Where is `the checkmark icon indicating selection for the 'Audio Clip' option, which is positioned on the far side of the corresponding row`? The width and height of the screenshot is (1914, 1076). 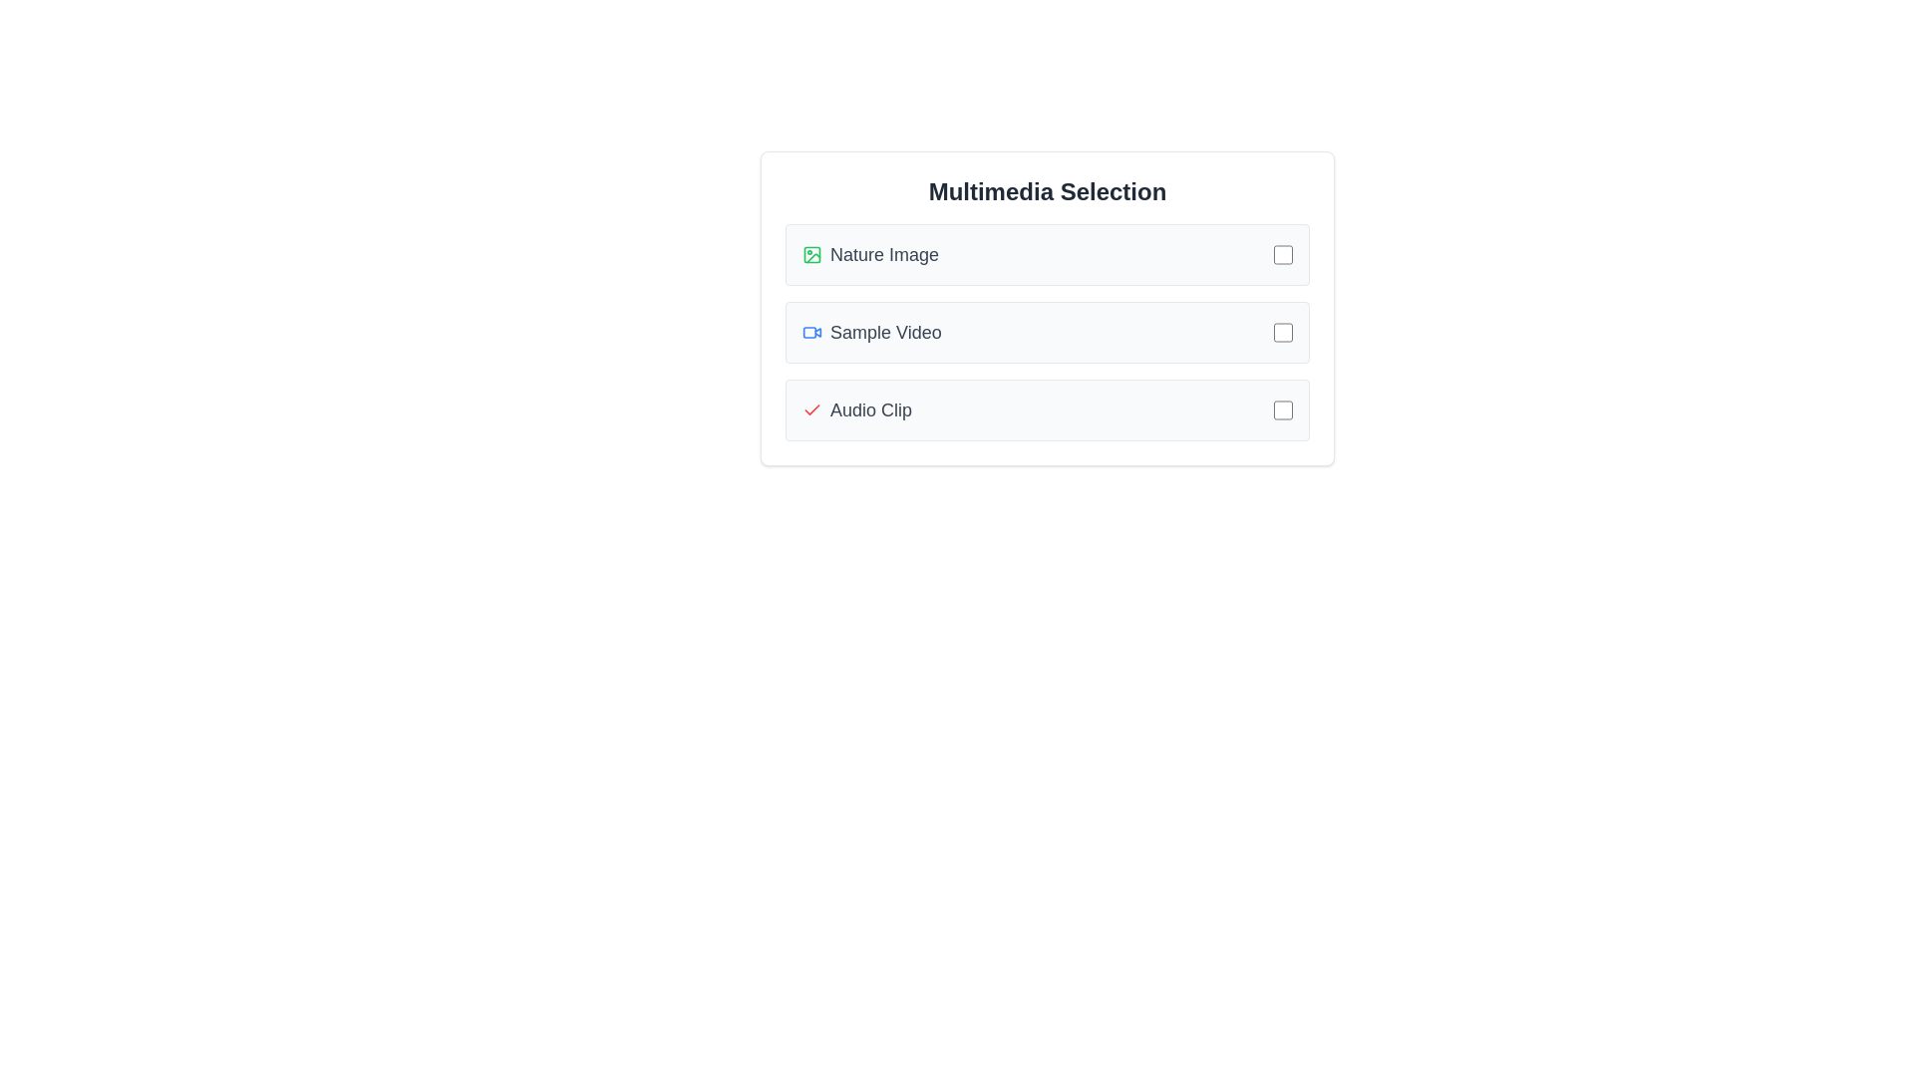 the checkmark icon indicating selection for the 'Audio Clip' option, which is positioned on the far side of the corresponding row is located at coordinates (812, 408).